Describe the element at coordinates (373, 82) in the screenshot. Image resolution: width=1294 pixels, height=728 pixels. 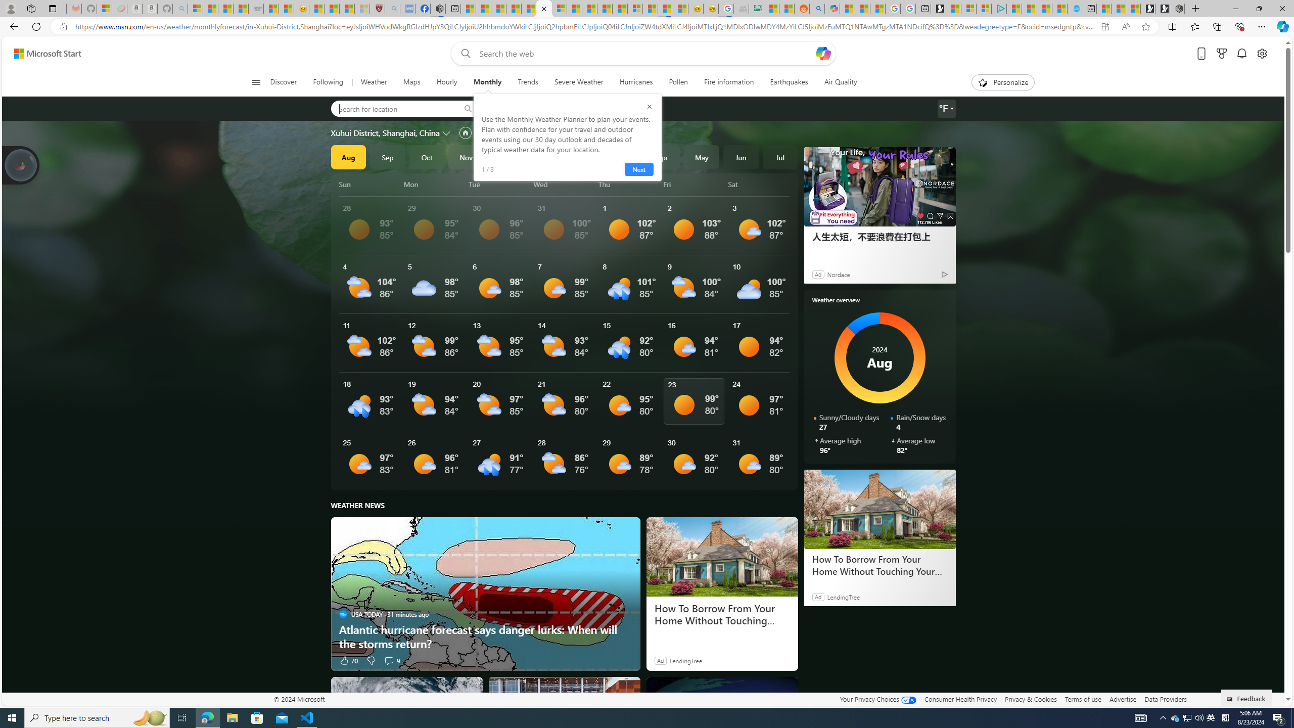
I see `'Weather'` at that location.